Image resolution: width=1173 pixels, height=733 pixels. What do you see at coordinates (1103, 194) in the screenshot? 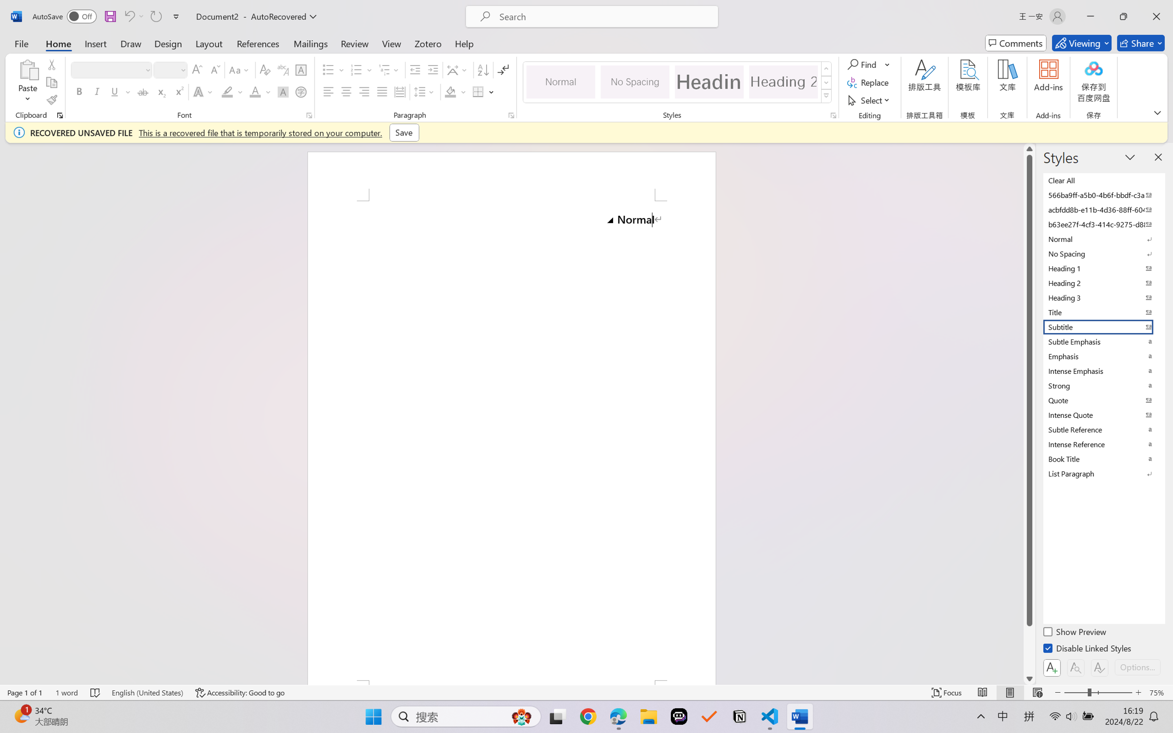
I see `'566ba9ff-a5b0-4b6f-bbdf-c3ab41993fc2'` at bounding box center [1103, 194].